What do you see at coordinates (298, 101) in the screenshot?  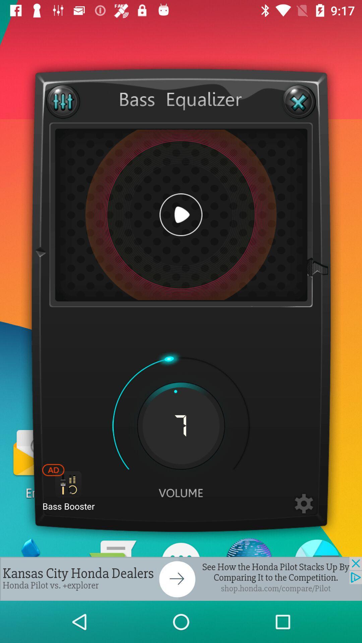 I see `the equalizer` at bounding box center [298, 101].